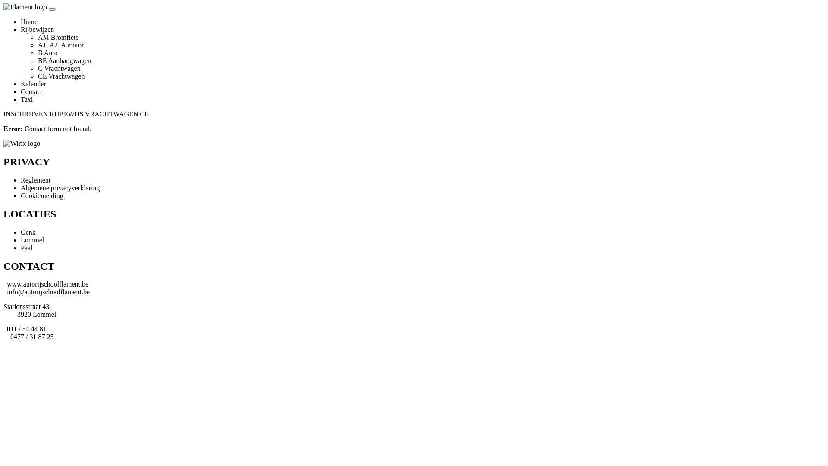  I want to click on 'Lommel', so click(32, 240).